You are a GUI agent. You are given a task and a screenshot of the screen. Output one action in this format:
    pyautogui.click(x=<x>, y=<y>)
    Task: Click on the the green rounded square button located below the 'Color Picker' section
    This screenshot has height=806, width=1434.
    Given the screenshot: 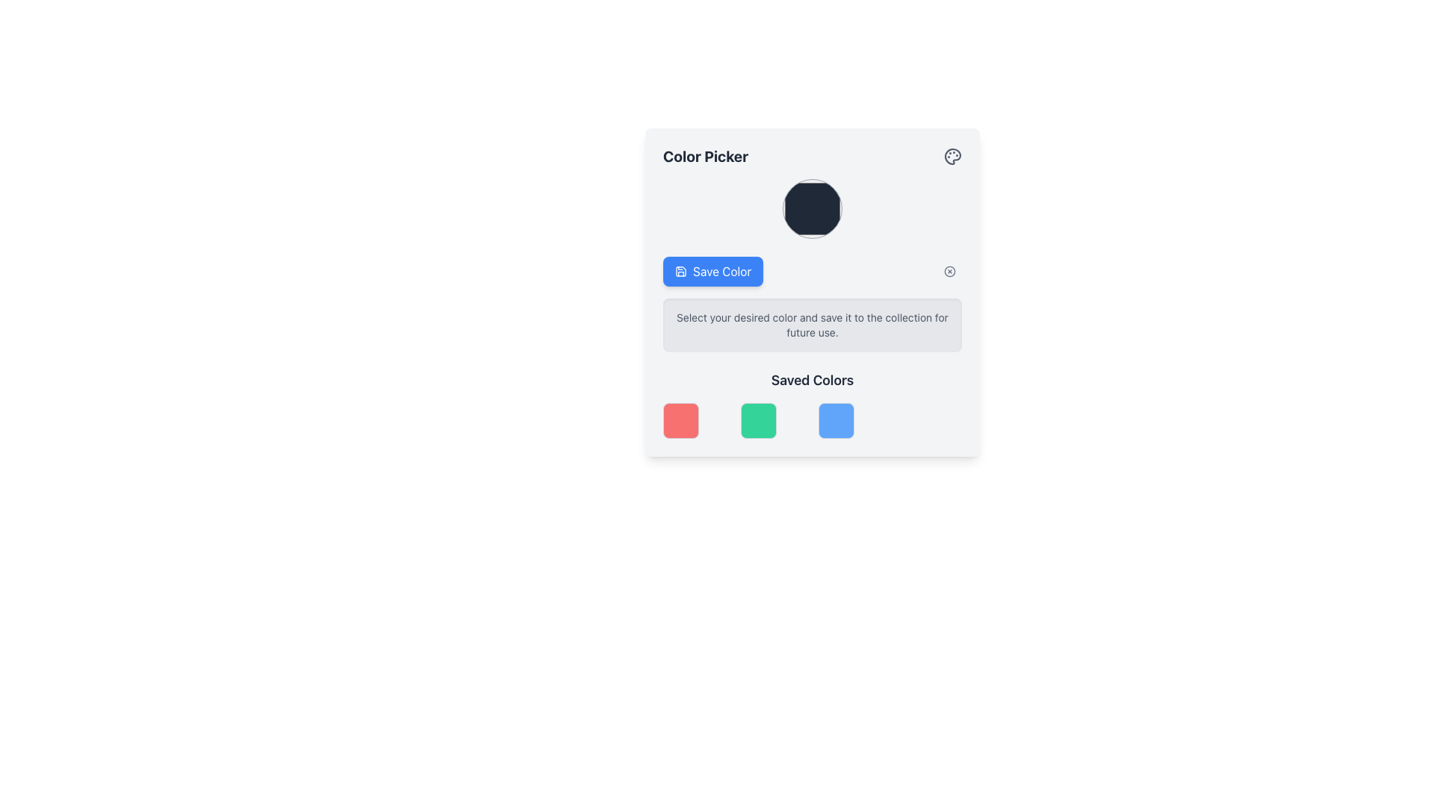 What is the action you would take?
    pyautogui.click(x=759, y=420)
    